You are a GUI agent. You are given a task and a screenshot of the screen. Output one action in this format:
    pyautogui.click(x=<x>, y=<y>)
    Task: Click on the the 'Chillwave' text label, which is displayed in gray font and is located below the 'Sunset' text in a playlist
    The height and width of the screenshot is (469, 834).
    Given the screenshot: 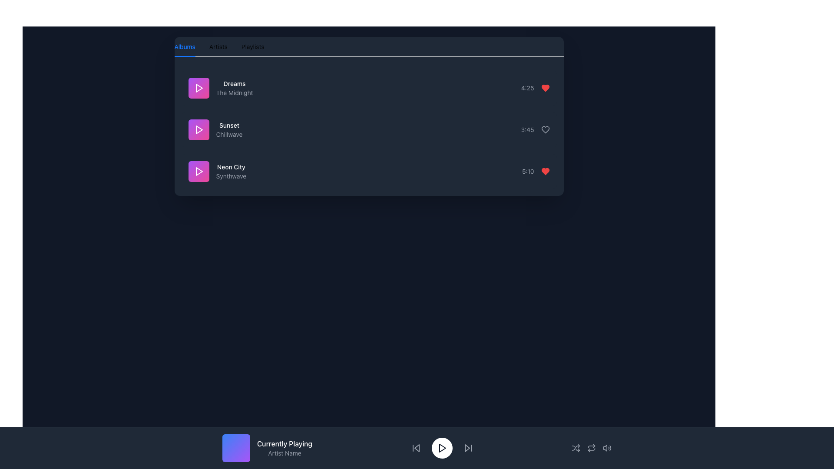 What is the action you would take?
    pyautogui.click(x=229, y=134)
    